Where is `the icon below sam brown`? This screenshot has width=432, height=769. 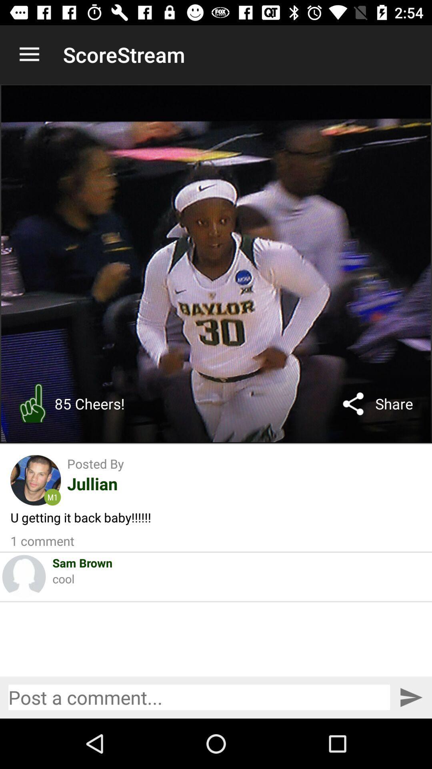
the icon below sam brown is located at coordinates (63, 578).